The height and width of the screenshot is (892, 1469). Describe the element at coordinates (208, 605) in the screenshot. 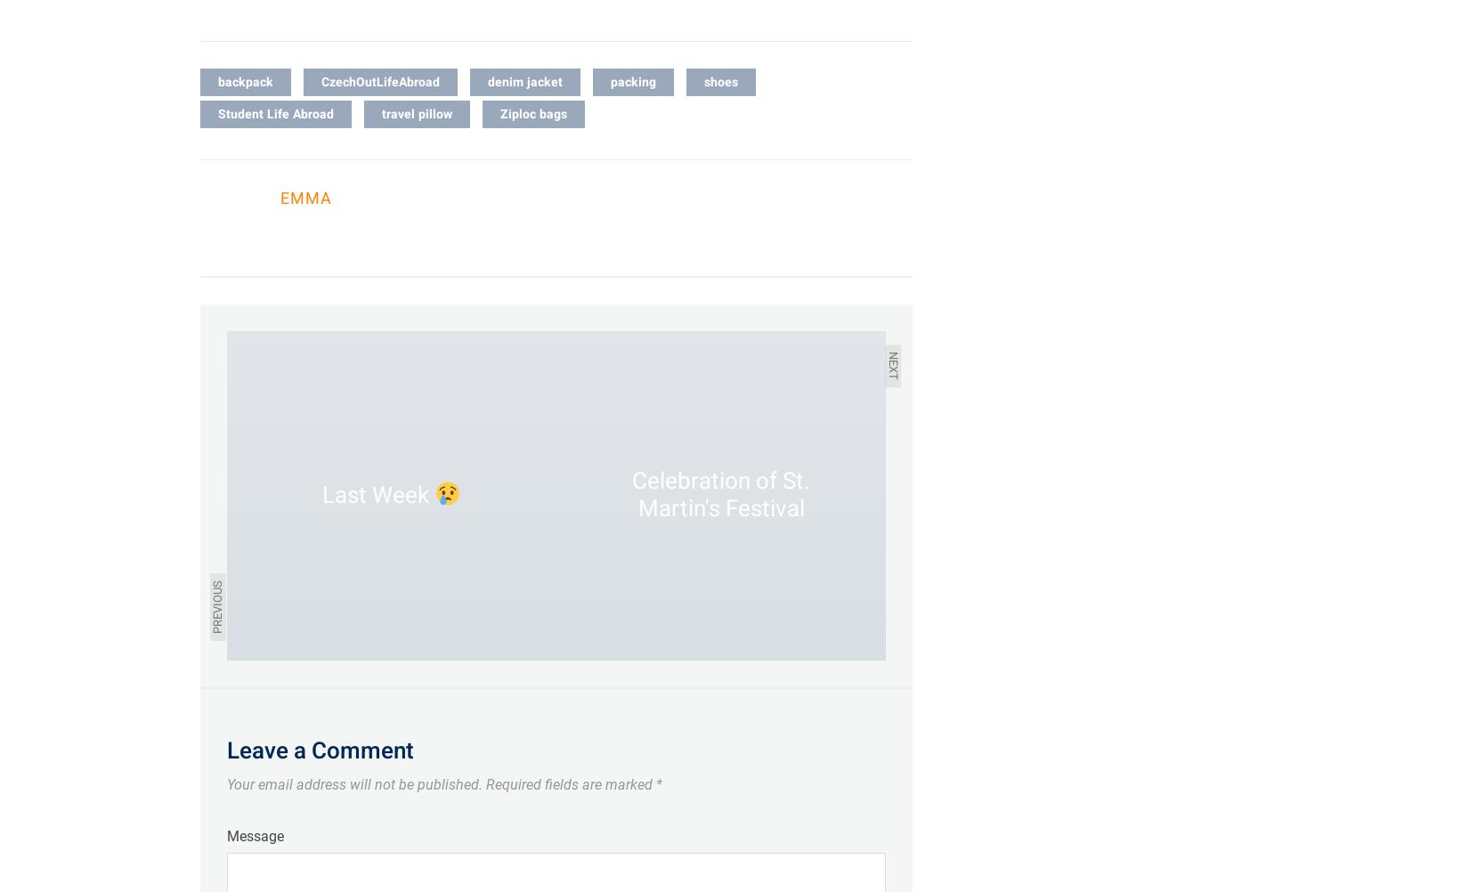

I see `'Previous'` at that location.